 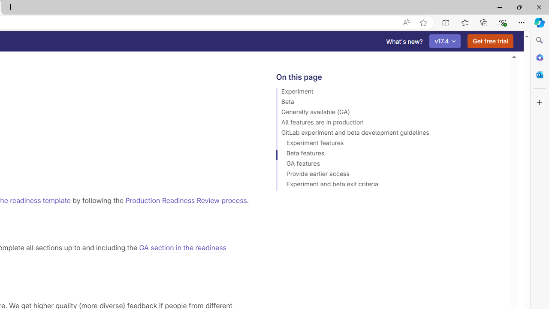 I want to click on 'Beta', so click(x=389, y=103).